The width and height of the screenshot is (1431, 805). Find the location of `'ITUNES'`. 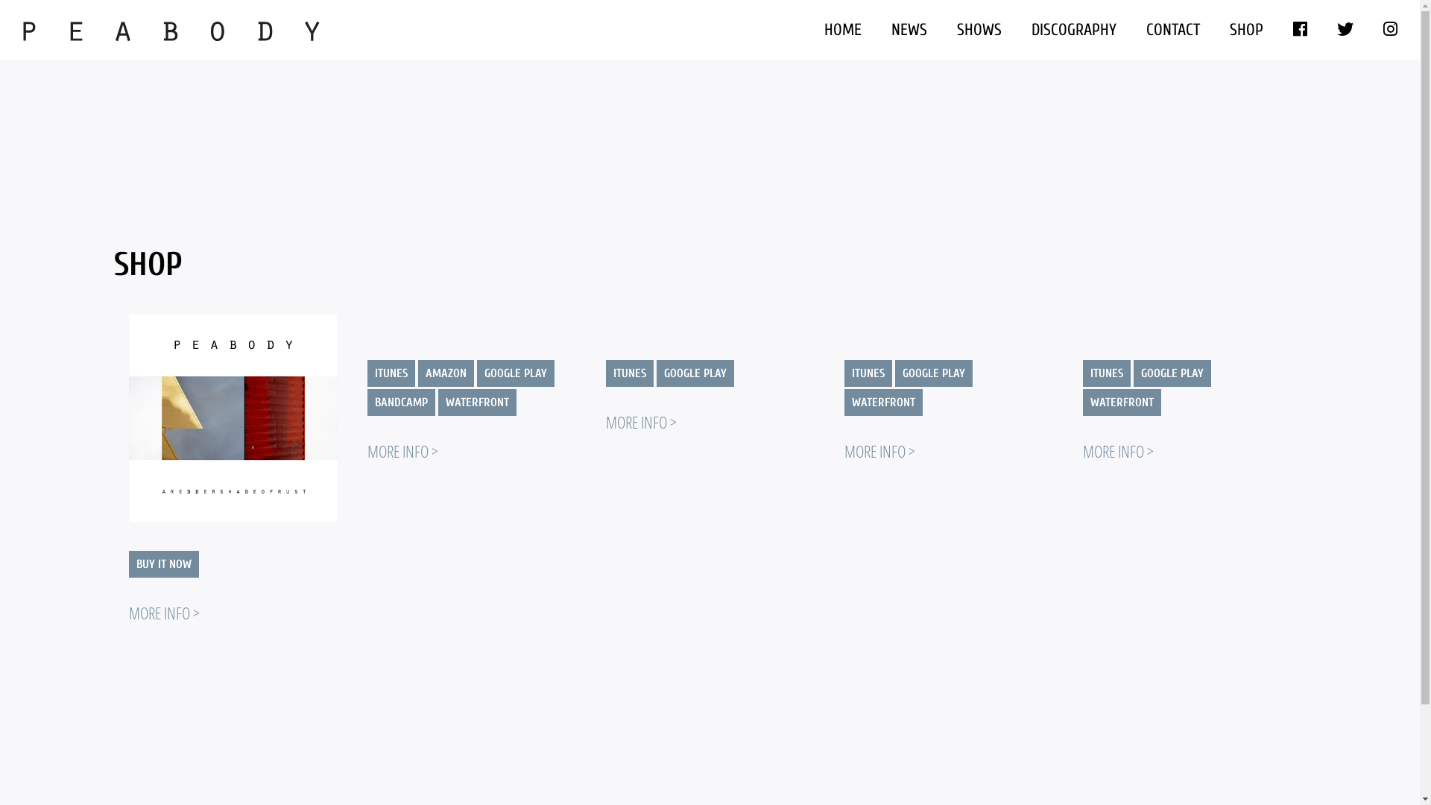

'ITUNES' is located at coordinates (844, 373).